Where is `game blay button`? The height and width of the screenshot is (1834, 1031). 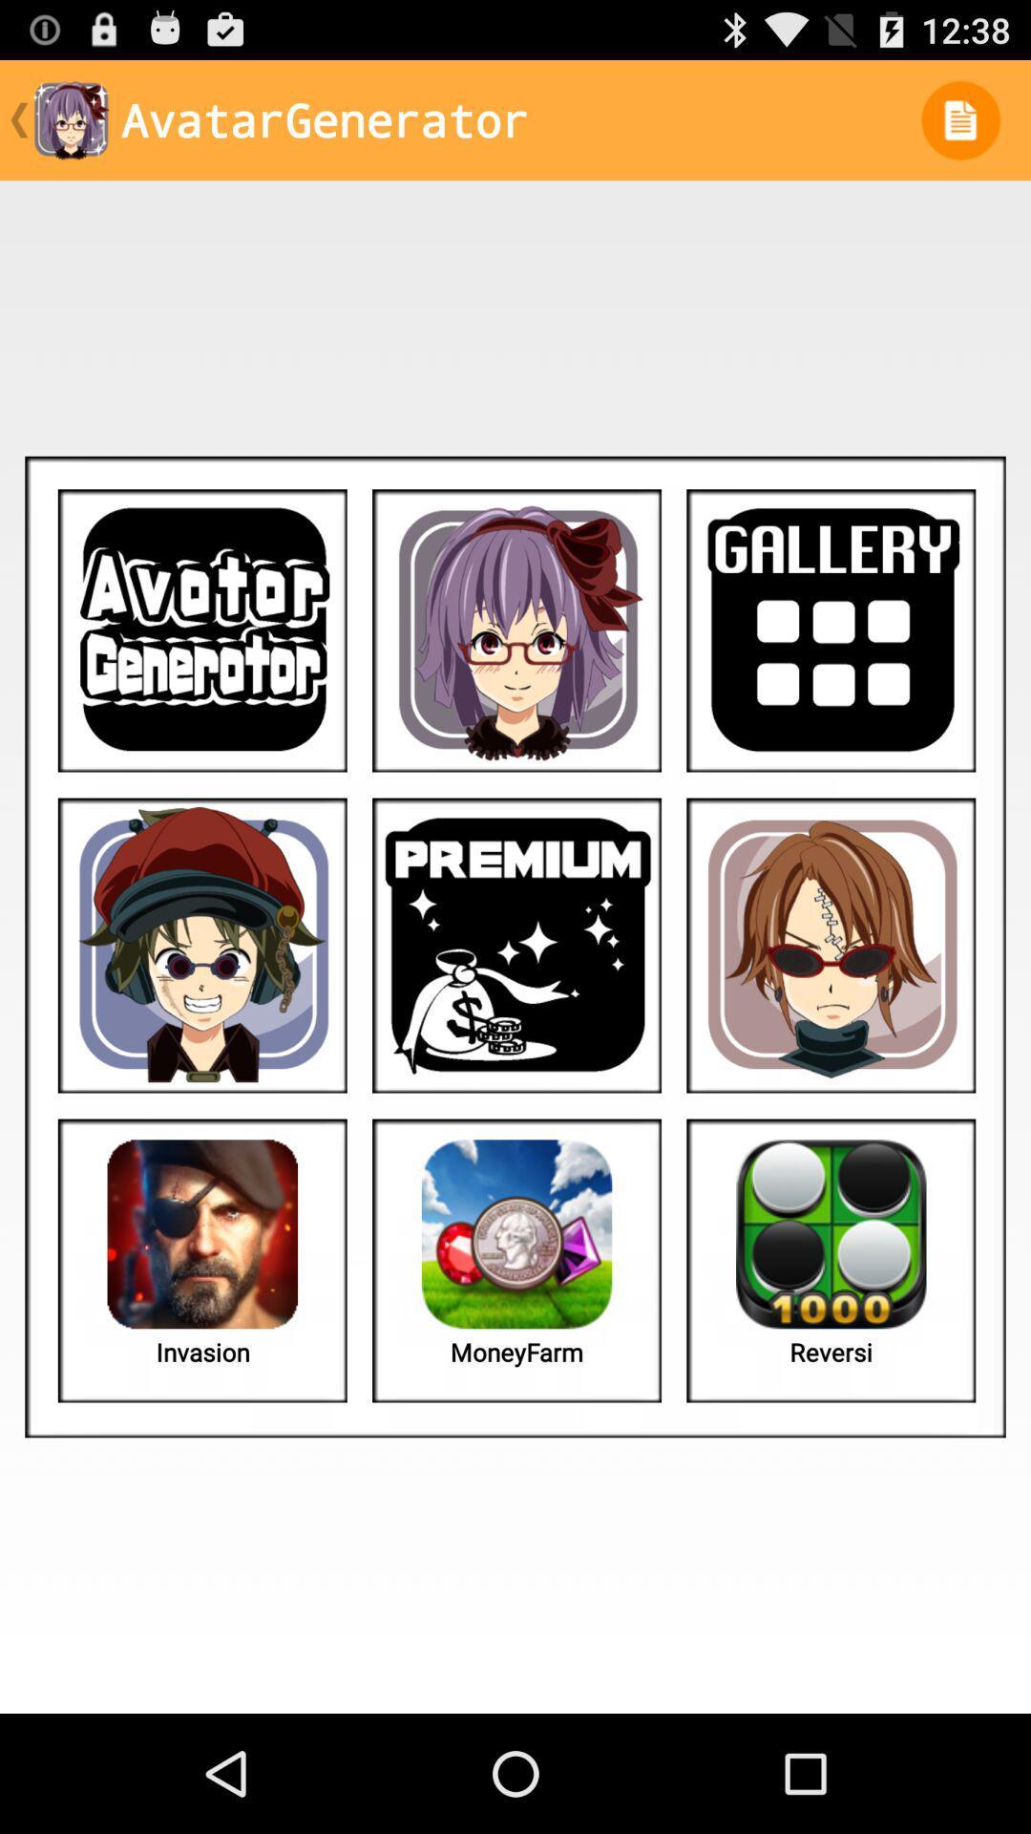 game blay button is located at coordinates (202, 630).